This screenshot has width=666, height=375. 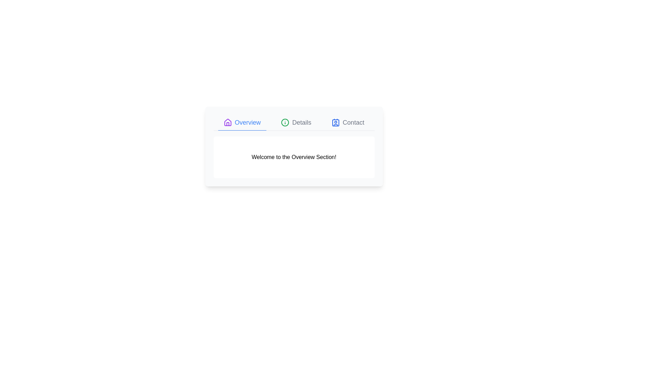 What do you see at coordinates (242, 122) in the screenshot?
I see `the Overview tab to examine its content` at bounding box center [242, 122].